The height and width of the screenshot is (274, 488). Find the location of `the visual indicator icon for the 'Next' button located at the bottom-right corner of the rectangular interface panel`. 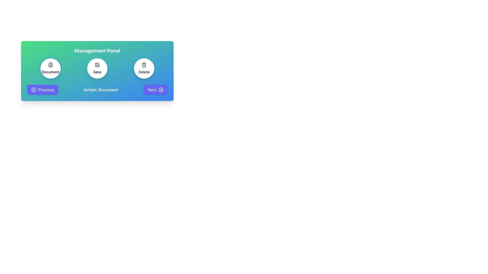

the visual indicator icon for the 'Next' button located at the bottom-right corner of the rectangular interface panel is located at coordinates (161, 90).